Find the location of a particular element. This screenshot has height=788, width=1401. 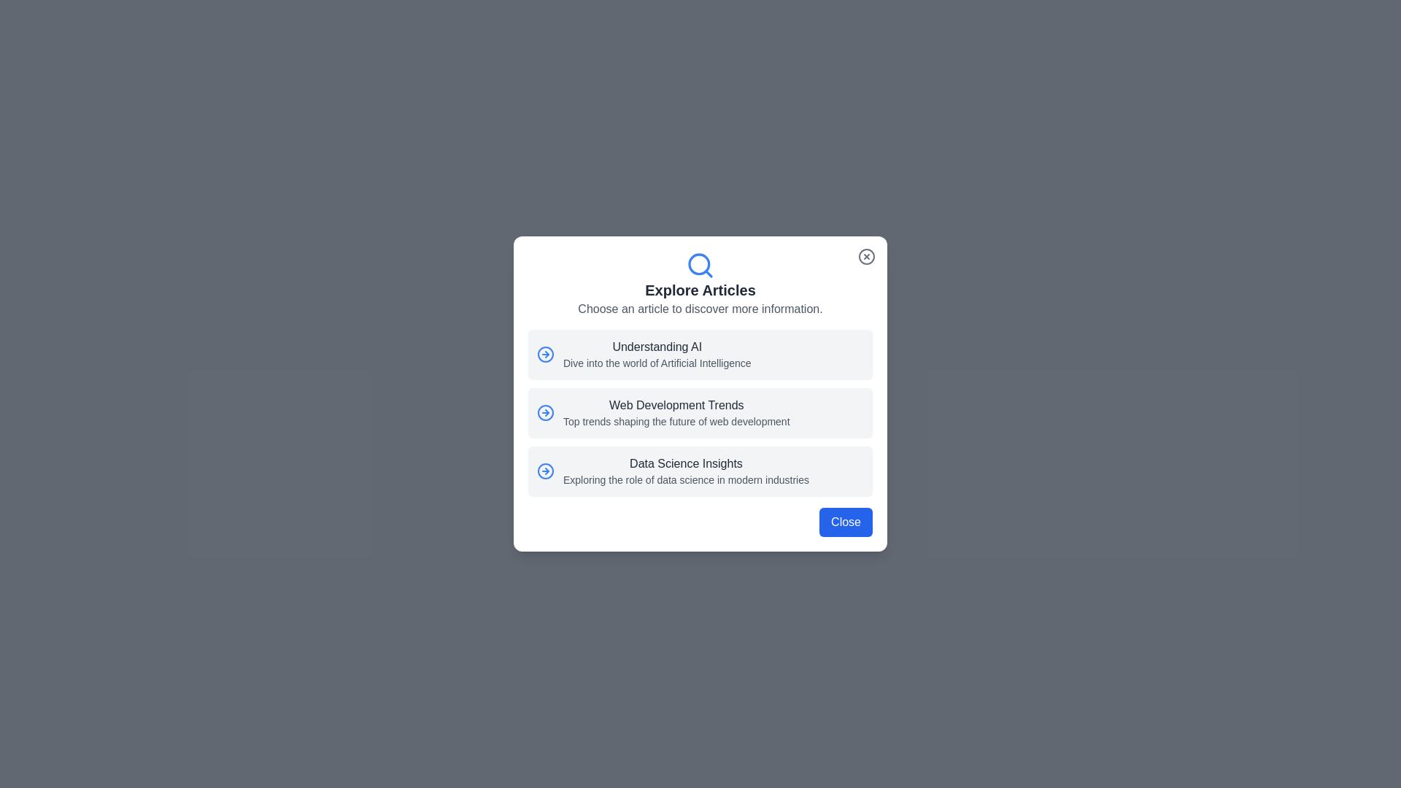

the article titled Web Development Trends from the list is located at coordinates (700, 413).